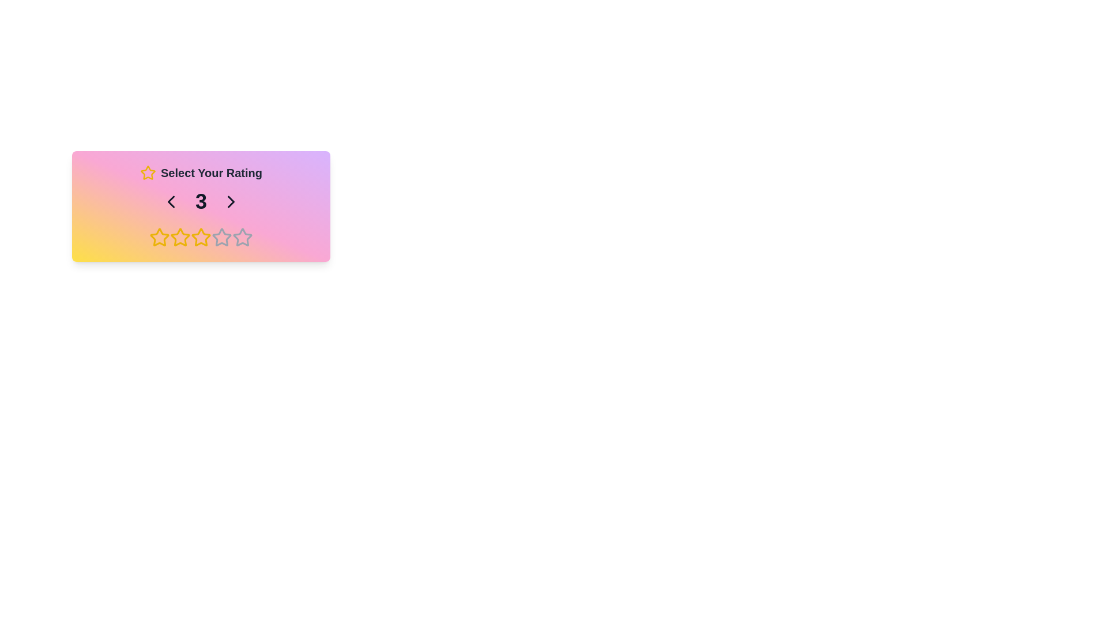 This screenshot has width=1107, height=623. I want to click on the star-based rating system element located beneath the numeric rating display '3' and near the 'Select Your Rating' label, so click(201, 237).